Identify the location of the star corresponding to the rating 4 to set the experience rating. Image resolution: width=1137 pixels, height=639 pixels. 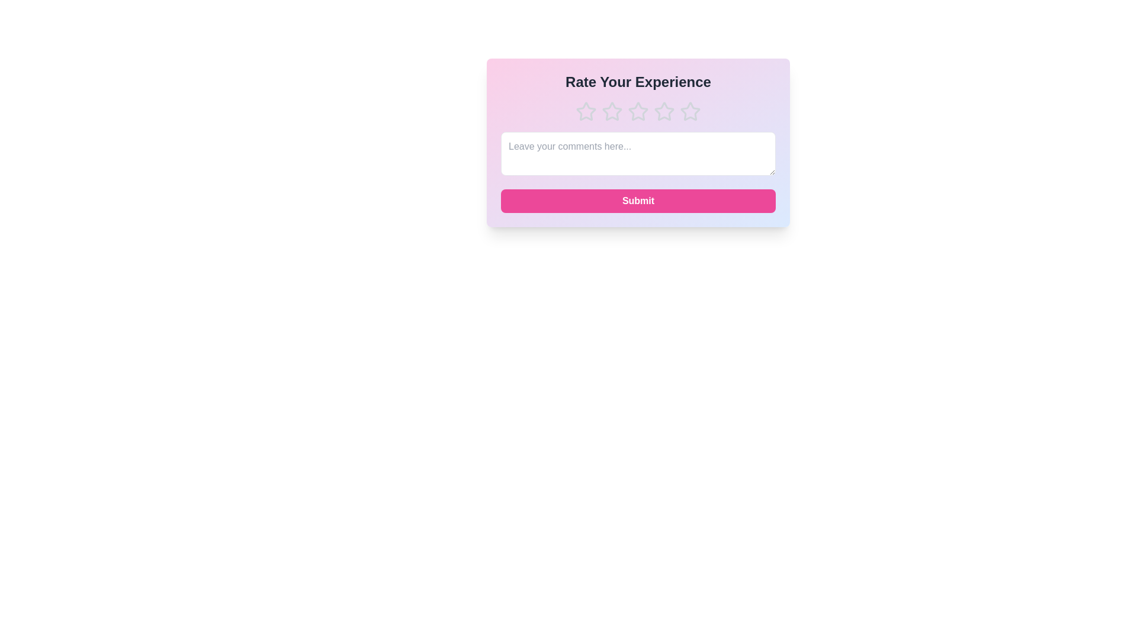
(664, 112).